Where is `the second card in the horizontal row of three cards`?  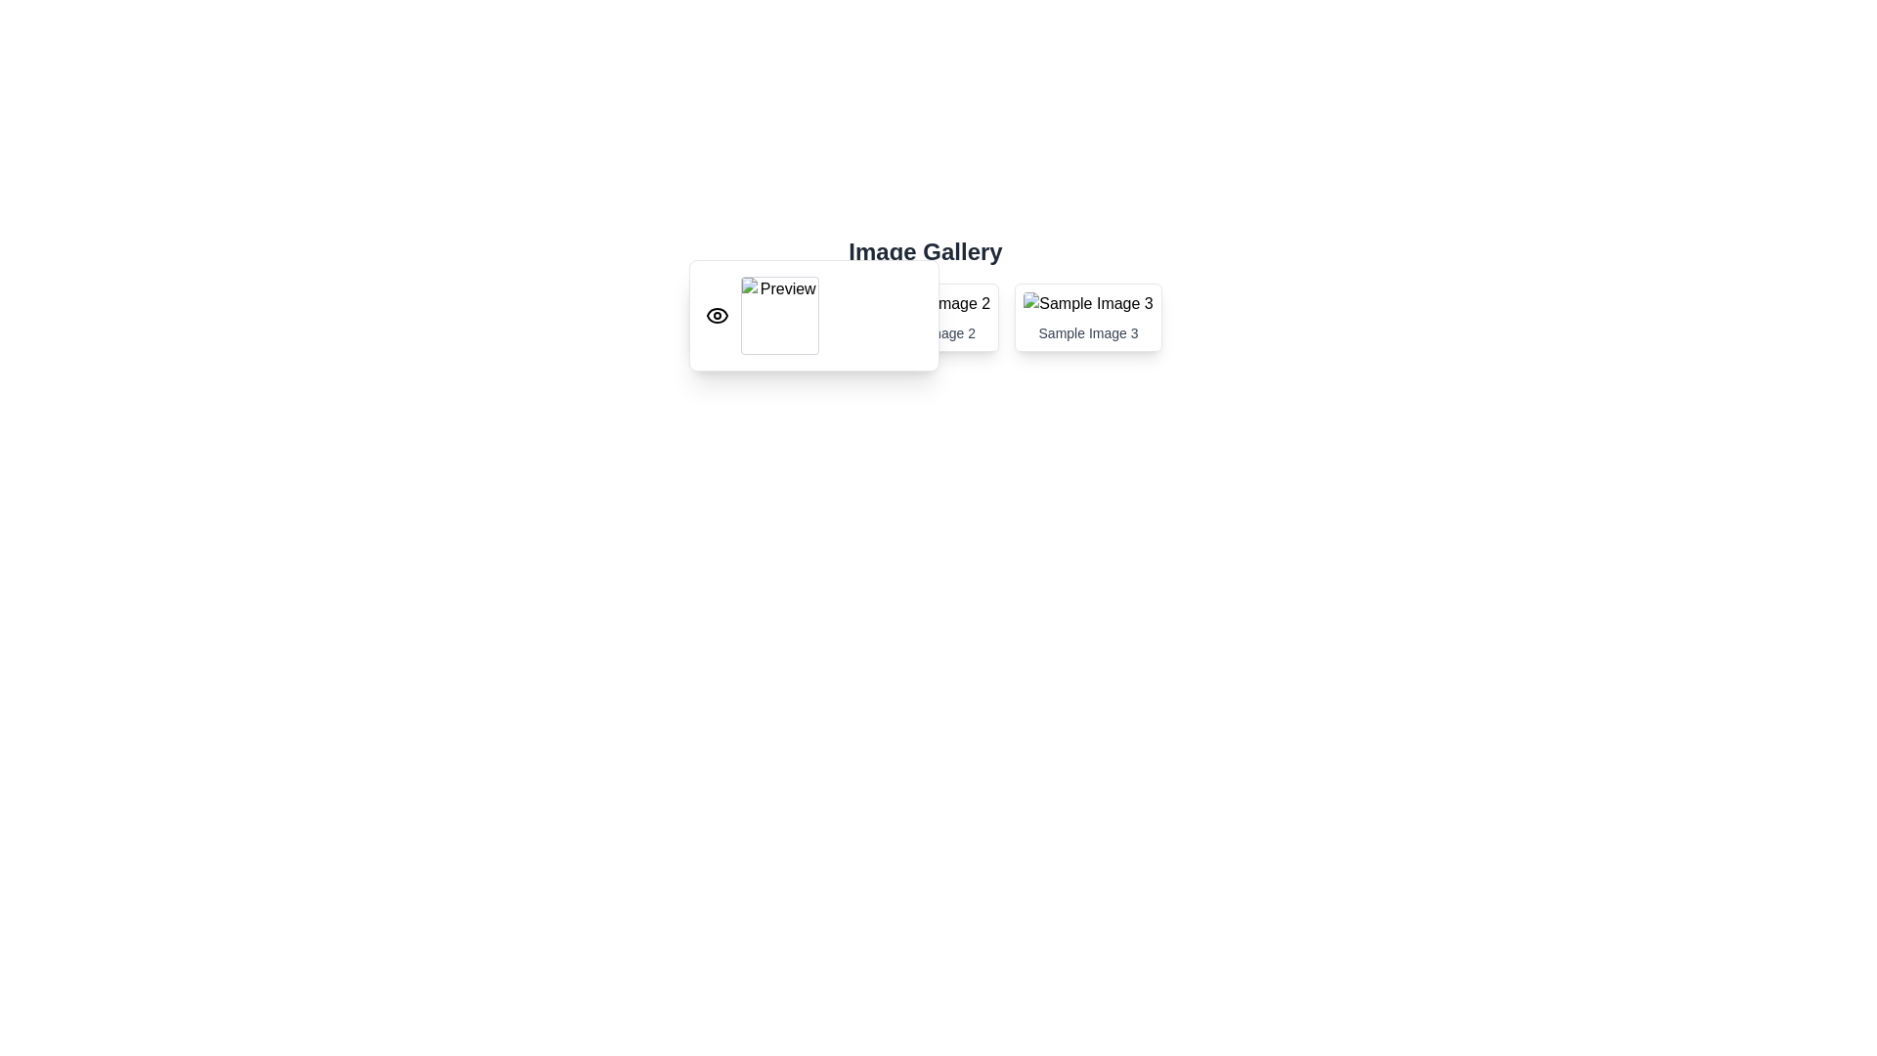
the second card in the horizontal row of three cards is located at coordinates (924, 316).